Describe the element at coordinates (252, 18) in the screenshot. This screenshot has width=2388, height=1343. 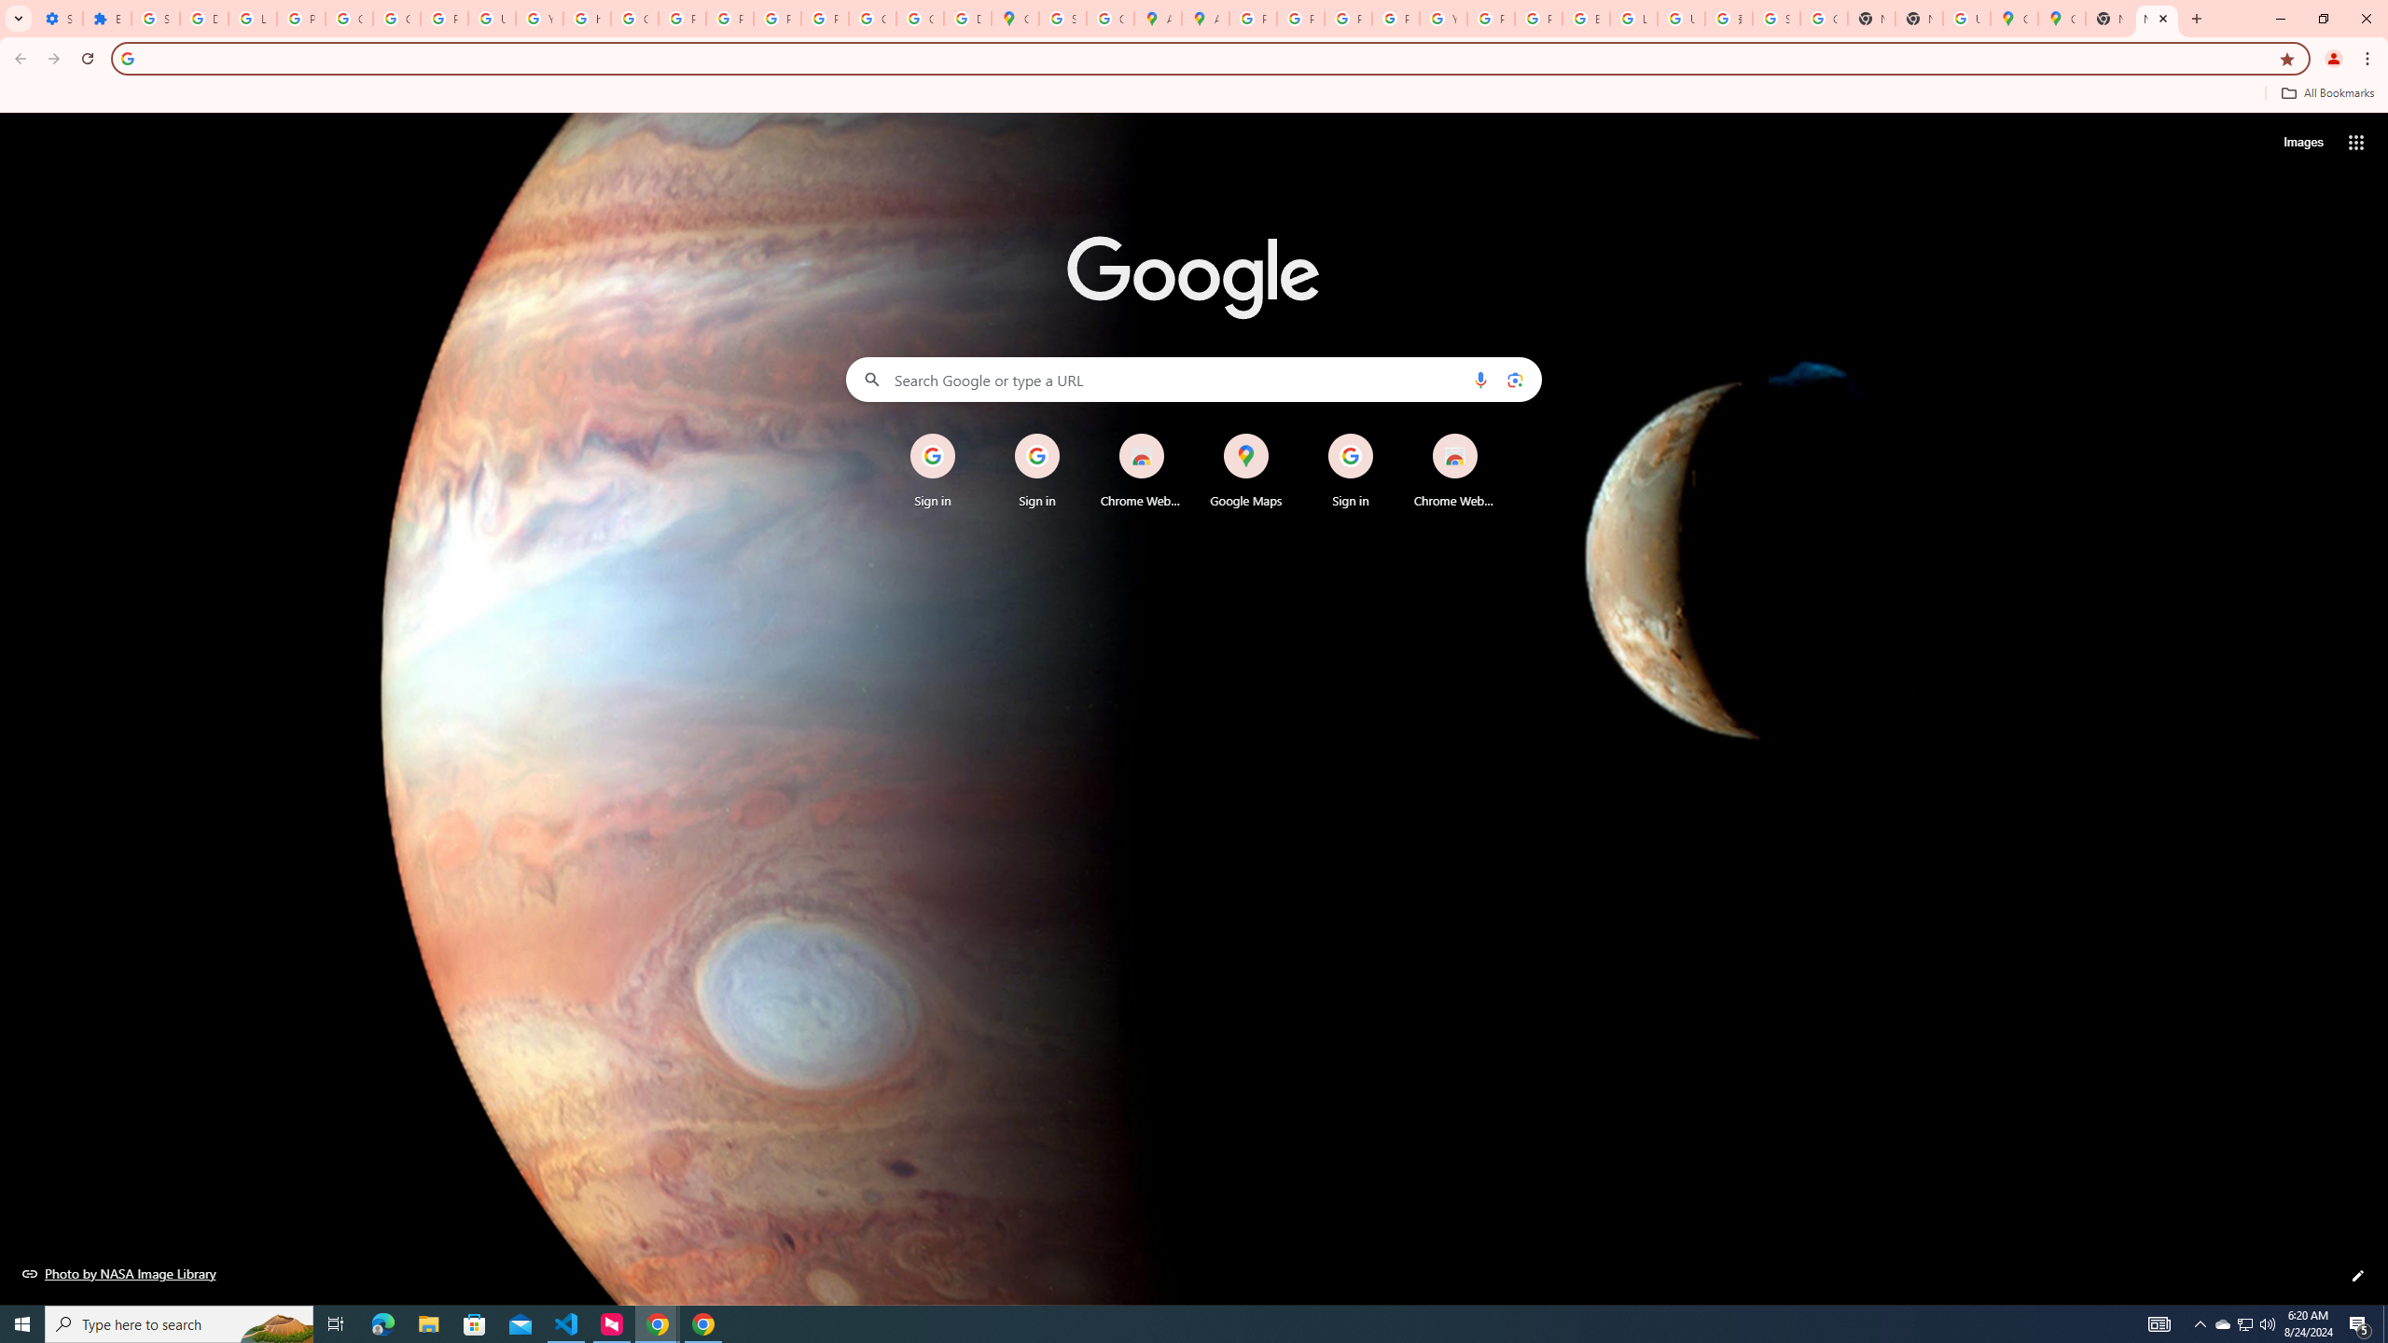
I see `'Learn how to find your photos - Google Photos Help'` at that location.